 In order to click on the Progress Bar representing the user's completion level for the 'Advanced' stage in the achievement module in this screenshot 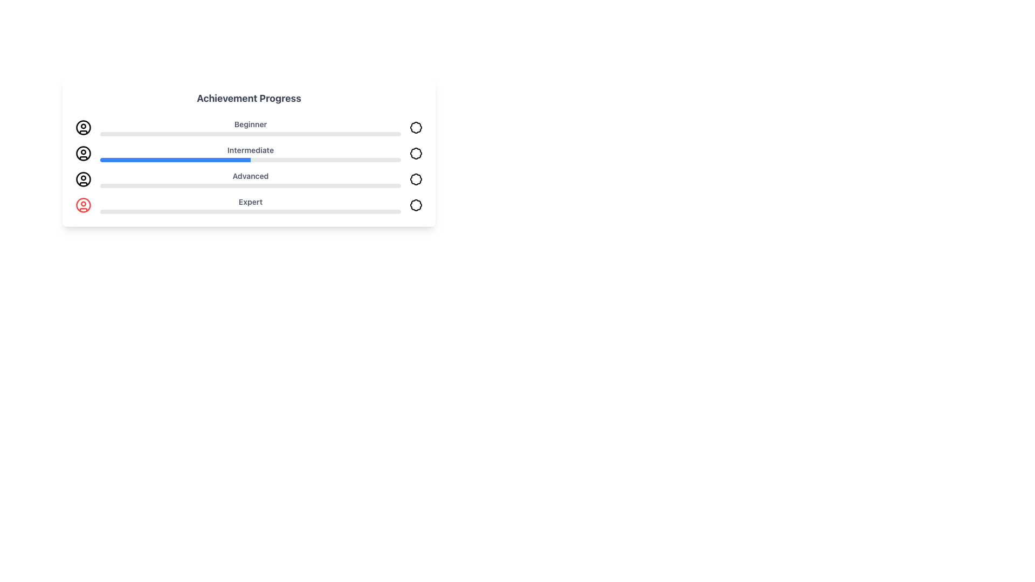, I will do `click(205, 185)`.